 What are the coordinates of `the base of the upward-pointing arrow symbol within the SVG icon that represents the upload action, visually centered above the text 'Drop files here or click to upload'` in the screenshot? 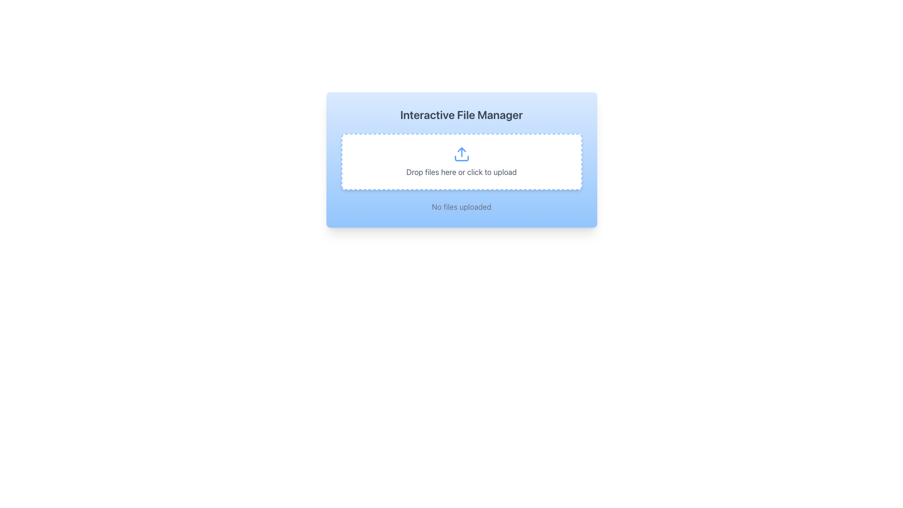 It's located at (461, 158).